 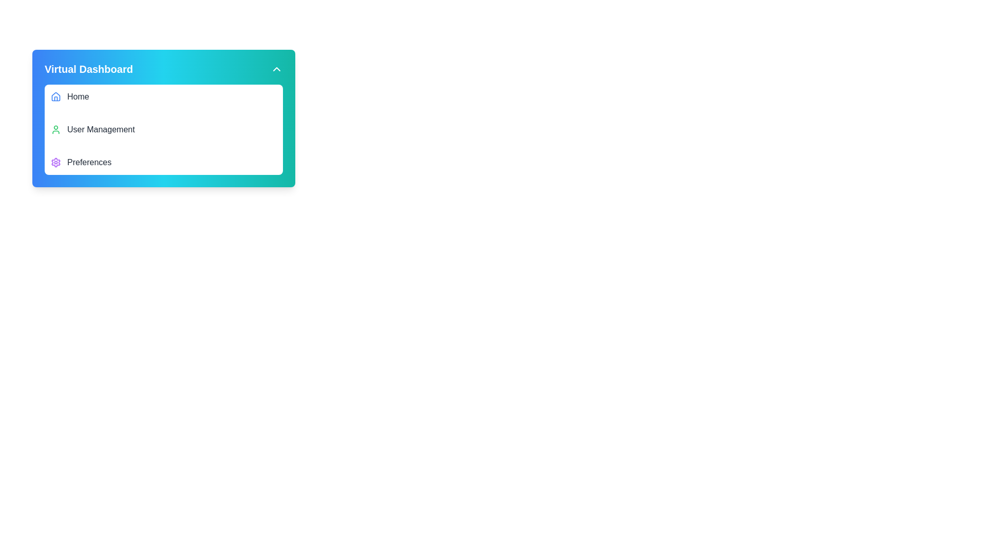 I want to click on the text label indicating user preferences or settings, which is the third item in the menu below 'Home' and 'User Management', so click(x=89, y=162).